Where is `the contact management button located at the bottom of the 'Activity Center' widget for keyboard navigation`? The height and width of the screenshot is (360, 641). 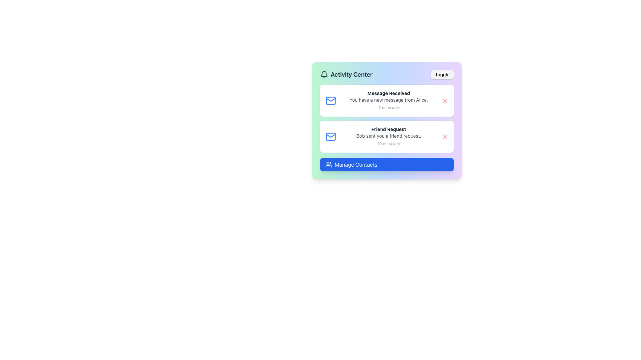 the contact management button located at the bottom of the 'Activity Center' widget for keyboard navigation is located at coordinates (387, 164).